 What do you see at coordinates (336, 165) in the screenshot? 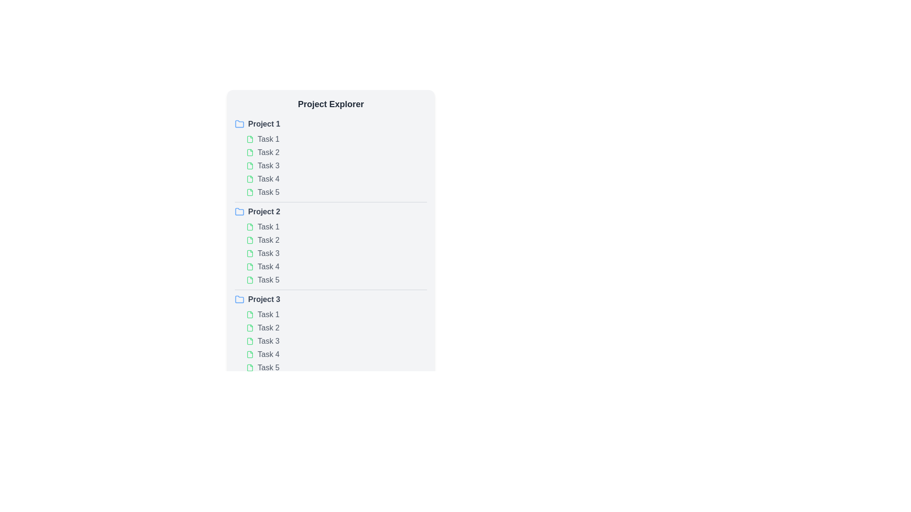
I see `a task in the task list located in the 'Project 1' section of the 'Project Explorer' interface` at bounding box center [336, 165].